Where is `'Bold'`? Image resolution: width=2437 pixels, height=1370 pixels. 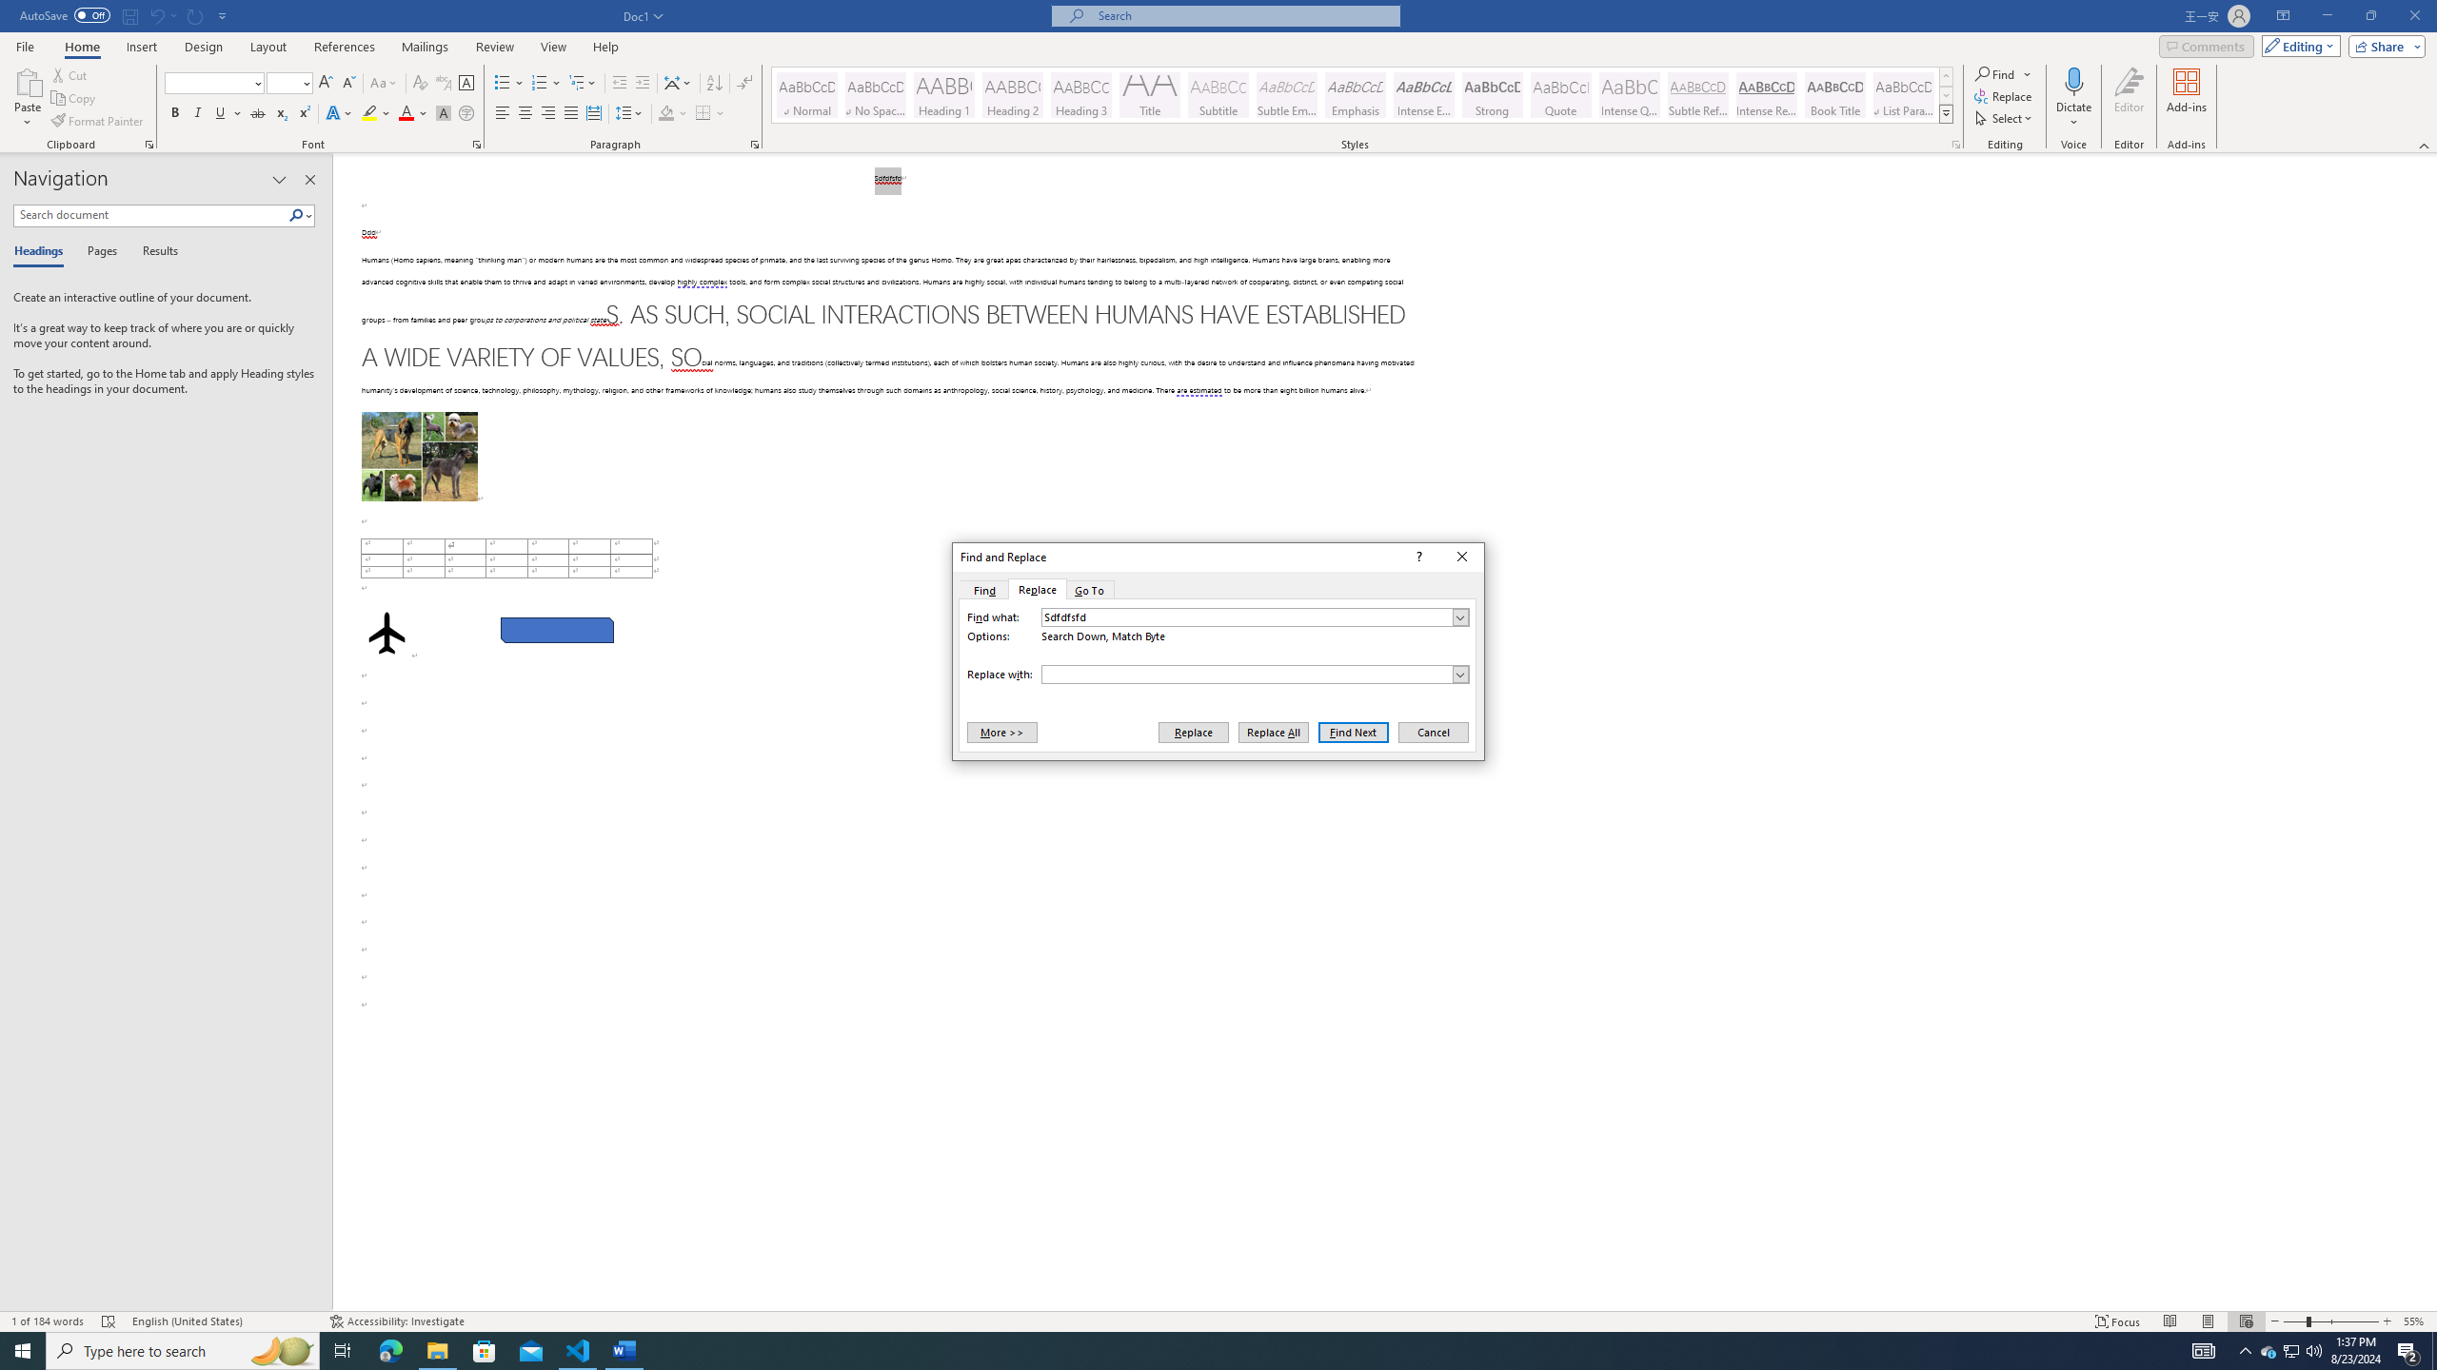
'Bold' is located at coordinates (174, 112).